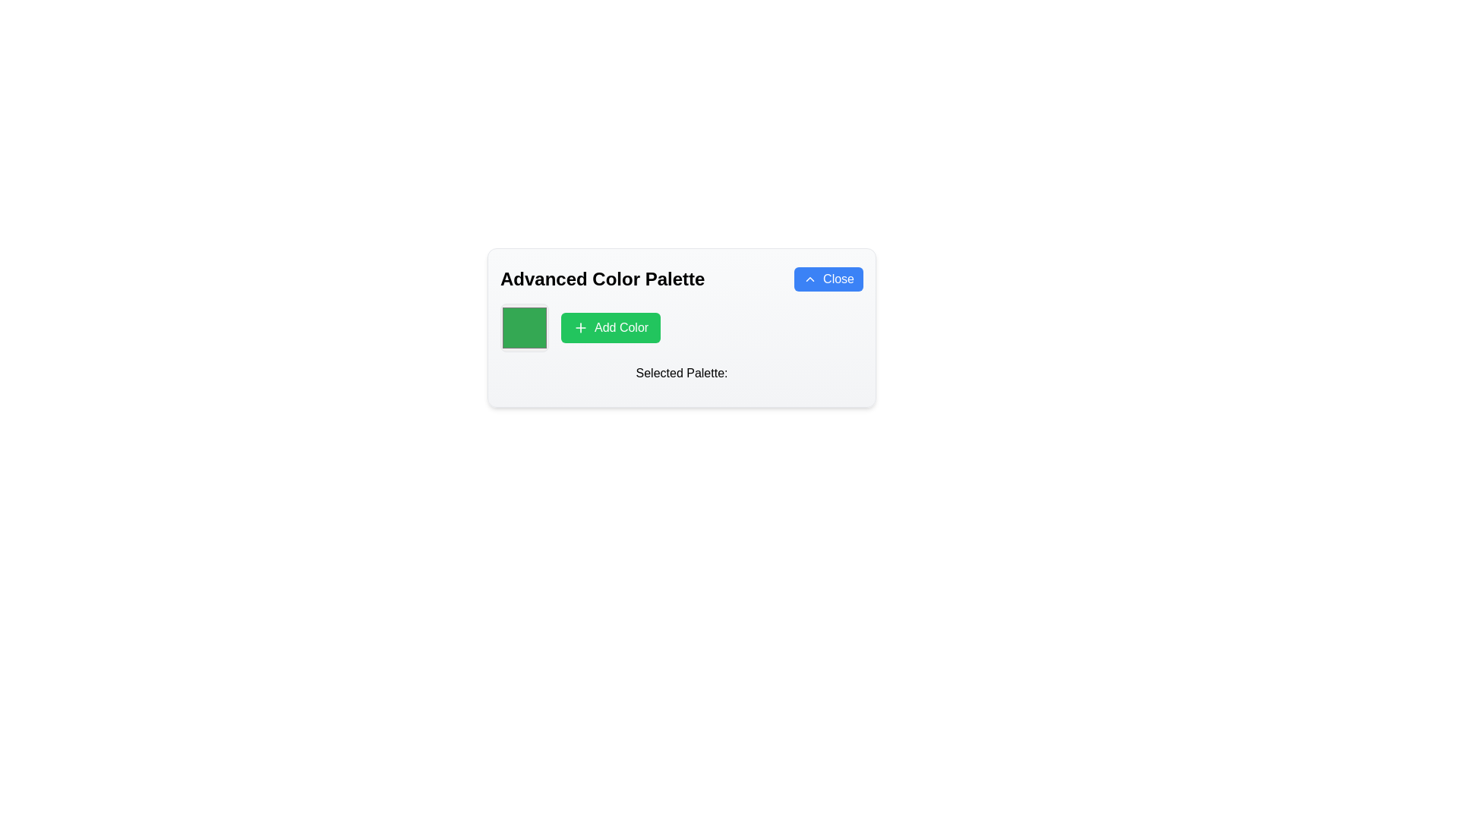 The height and width of the screenshot is (820, 1458). Describe the element at coordinates (828, 279) in the screenshot. I see `the close button located at the top-right of the 'Advanced Color Palette' panel` at that location.